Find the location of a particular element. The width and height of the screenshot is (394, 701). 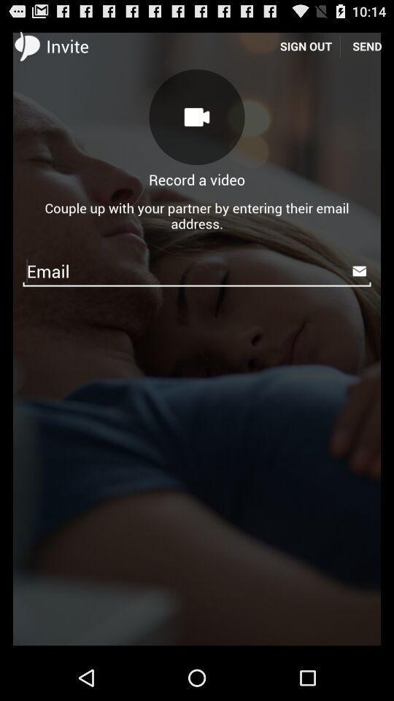

the sign out item is located at coordinates (305, 45).